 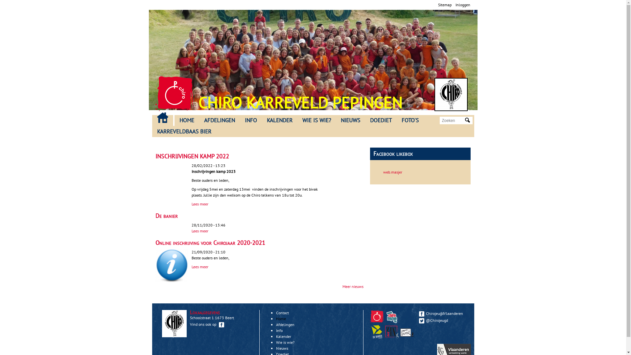 What do you see at coordinates (282, 348) in the screenshot?
I see `'Nieuws'` at bounding box center [282, 348].